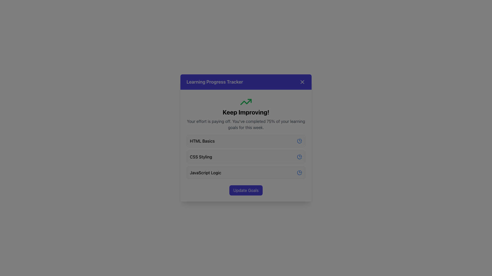 This screenshot has height=276, width=492. I want to click on the text label displaying 'HTML Basics', which is located within the first card of a vertically arranged list in a centered modal, positioned above the cards labeled 'CSS Styling' and 'JavaScript Logic', so click(202, 141).